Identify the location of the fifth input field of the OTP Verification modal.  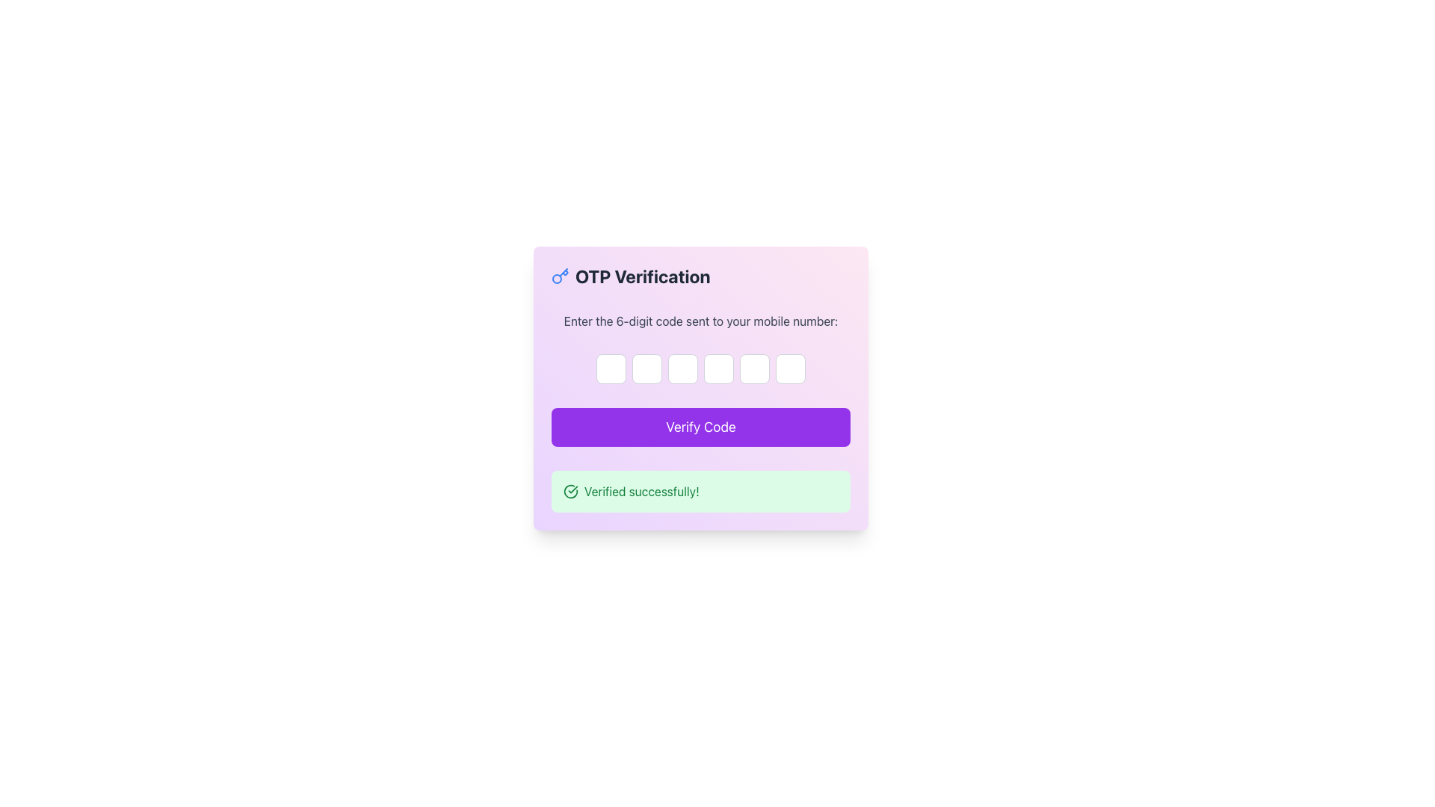
(754, 368).